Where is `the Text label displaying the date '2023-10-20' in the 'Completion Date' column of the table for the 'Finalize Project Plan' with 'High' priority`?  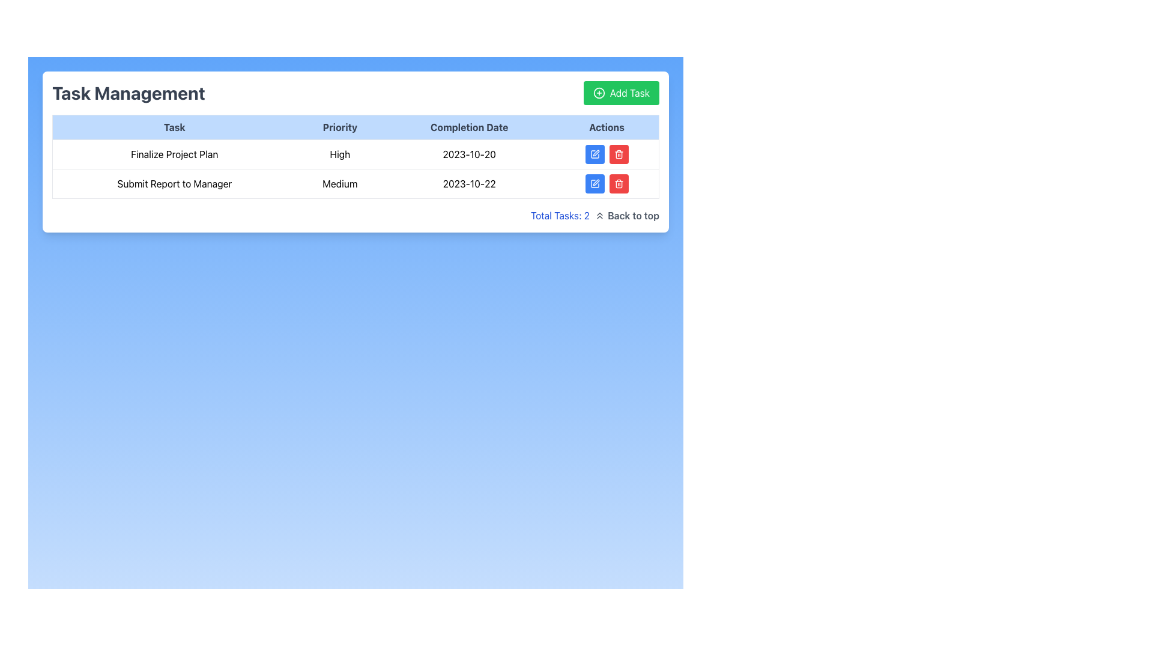 the Text label displaying the date '2023-10-20' in the 'Completion Date' column of the table for the 'Finalize Project Plan' with 'High' priority is located at coordinates (468, 154).